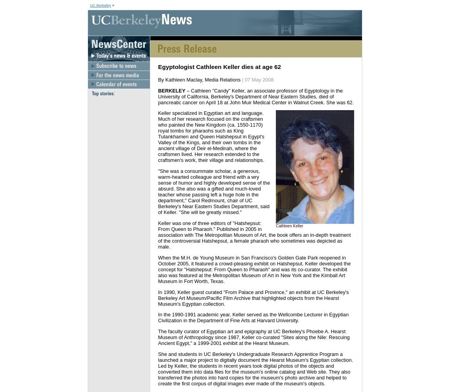  What do you see at coordinates (112, 5) in the screenshot?
I see `'>'` at bounding box center [112, 5].